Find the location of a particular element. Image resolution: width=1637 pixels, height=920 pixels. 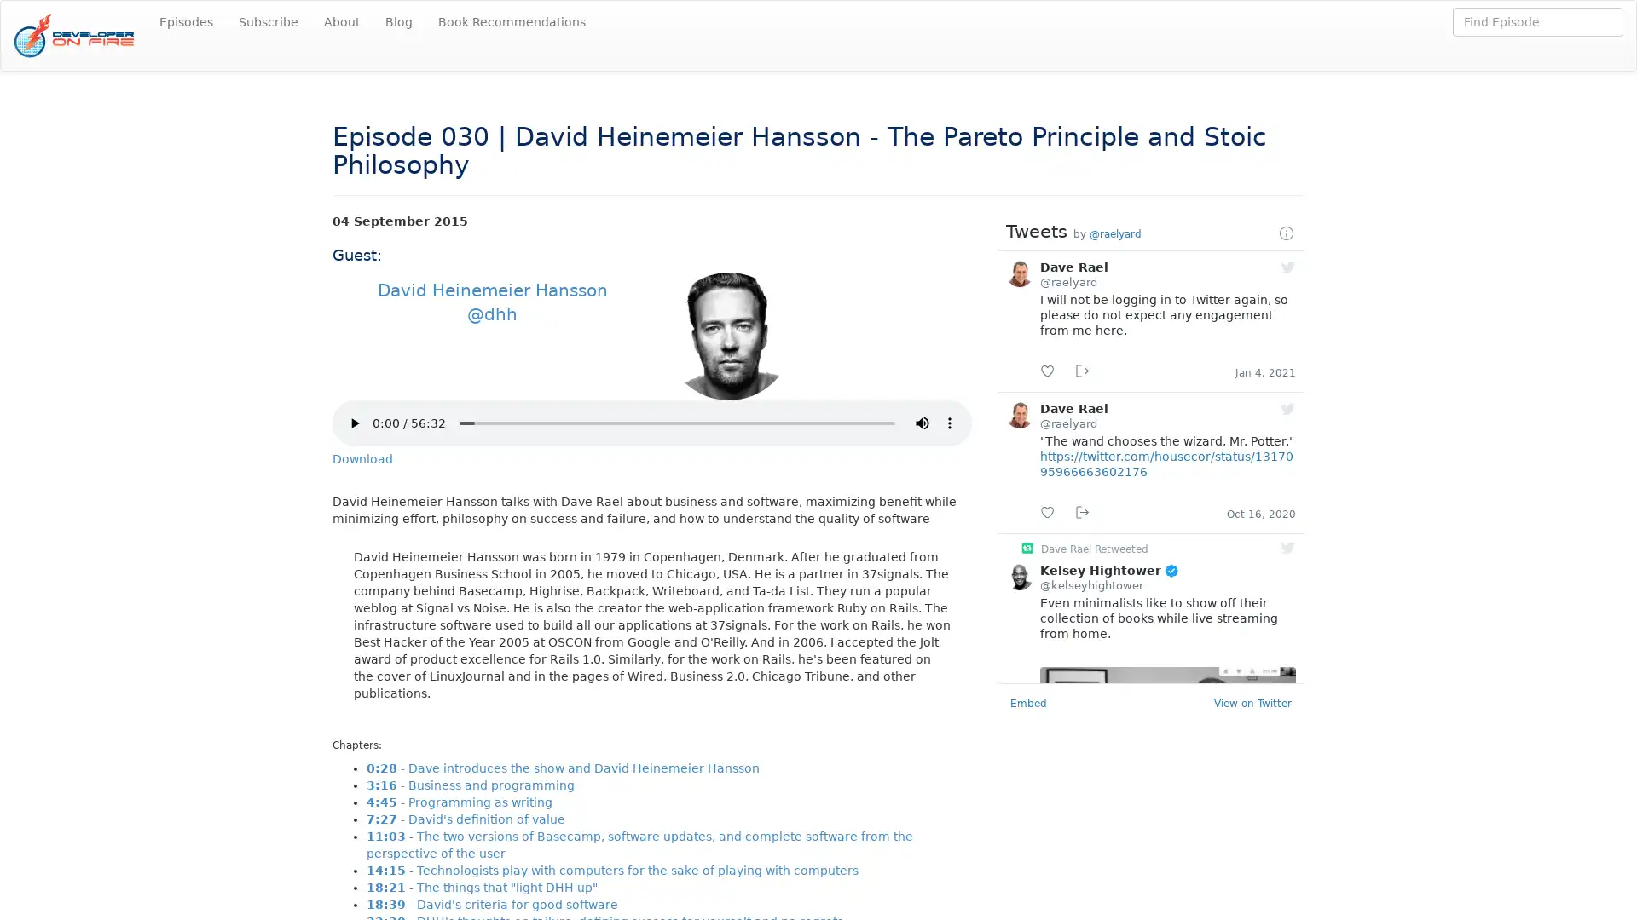

play is located at coordinates (354, 422).